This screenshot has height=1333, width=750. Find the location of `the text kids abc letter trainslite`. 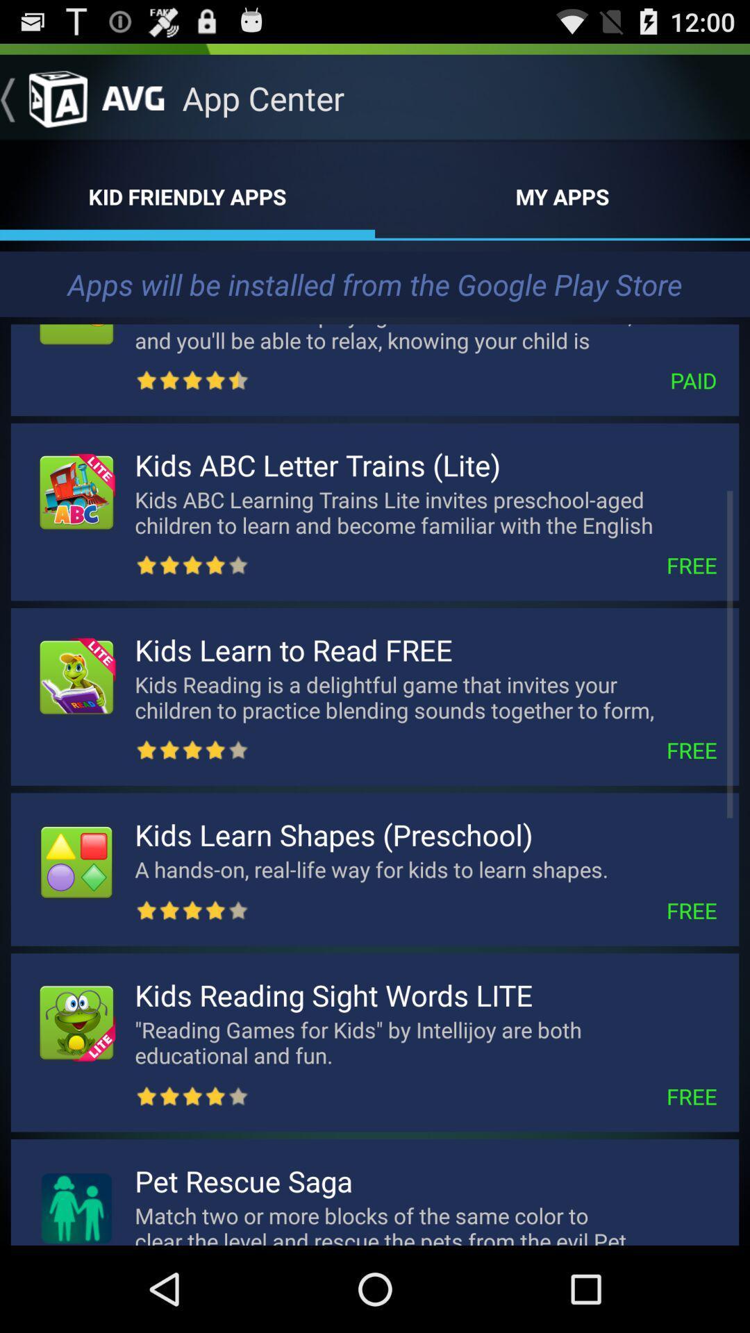

the text kids abc letter trainslite is located at coordinates (375, 512).